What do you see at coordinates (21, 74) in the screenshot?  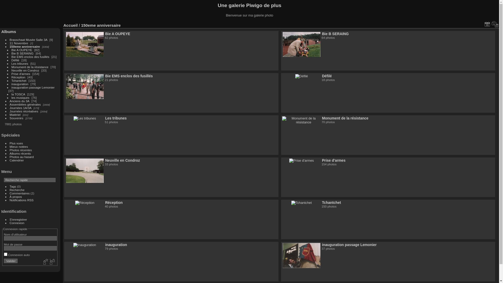 I see `'Prise d'armes'` at bounding box center [21, 74].